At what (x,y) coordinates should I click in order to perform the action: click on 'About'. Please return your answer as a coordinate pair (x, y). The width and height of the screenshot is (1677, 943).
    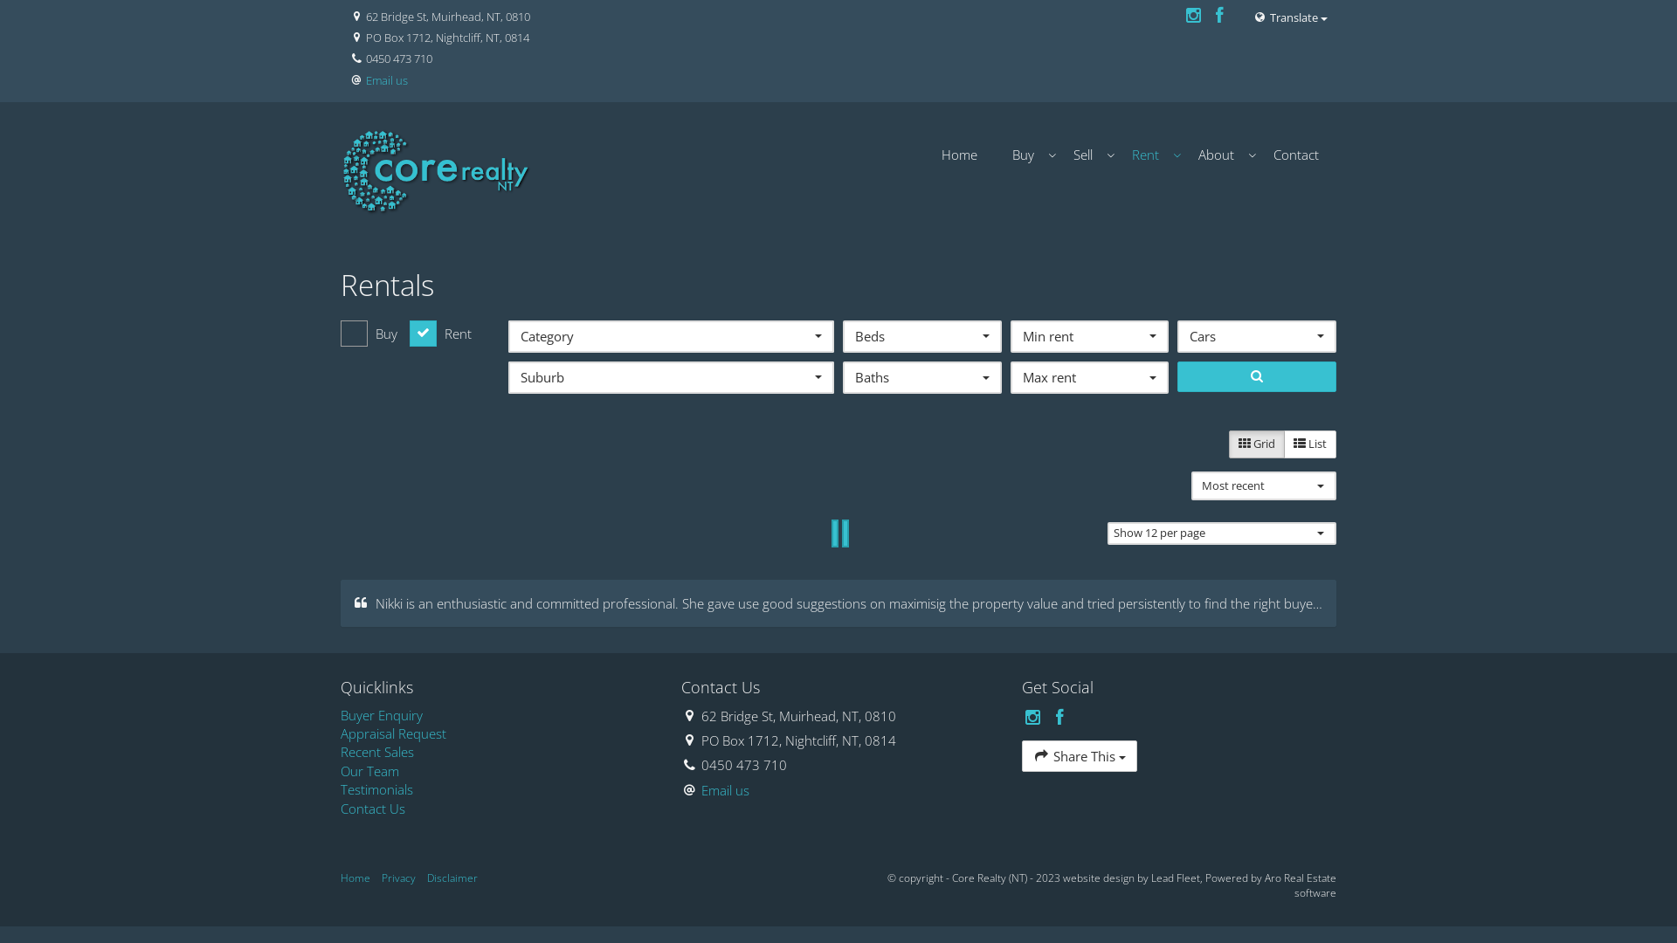
    Looking at the image, I should click on (1218, 154).